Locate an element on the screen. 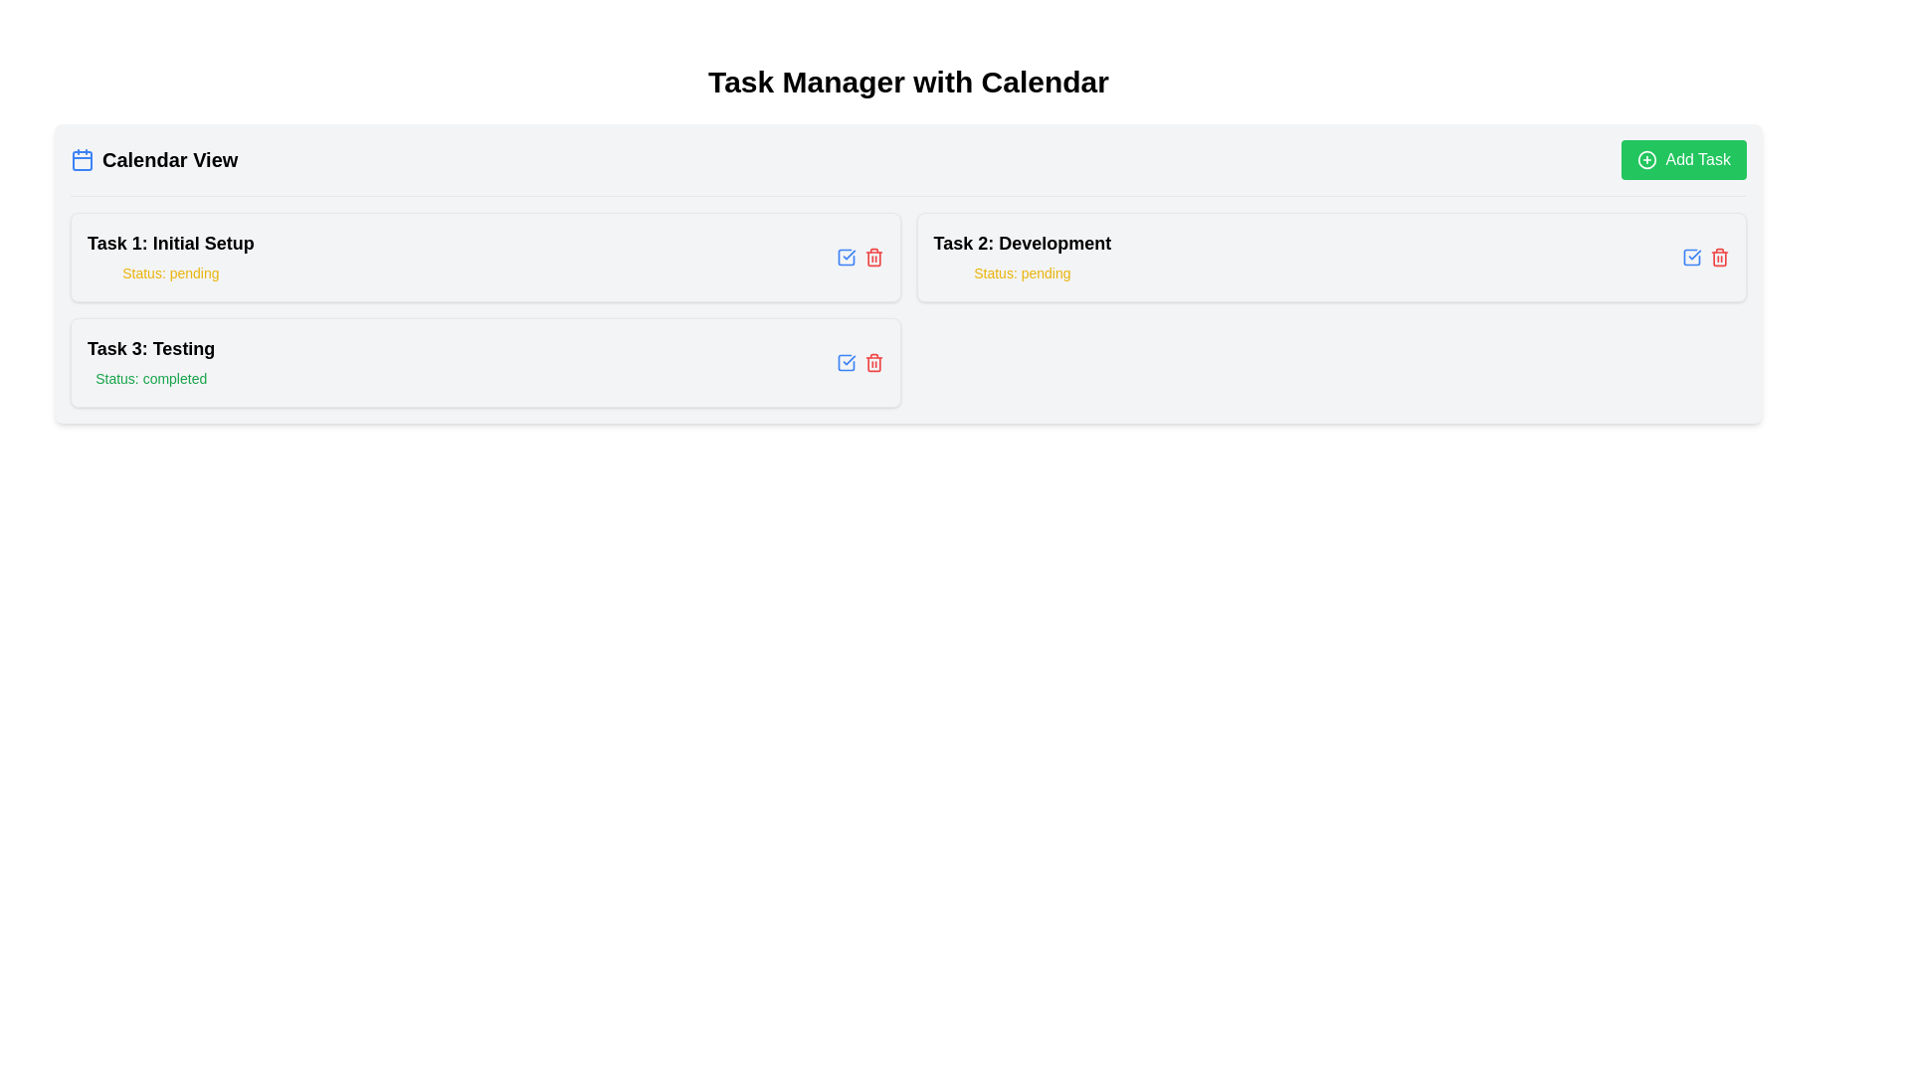  the circular graphical element located within the 'Add Task' button in the top-right corner of the page is located at coordinates (1647, 159).